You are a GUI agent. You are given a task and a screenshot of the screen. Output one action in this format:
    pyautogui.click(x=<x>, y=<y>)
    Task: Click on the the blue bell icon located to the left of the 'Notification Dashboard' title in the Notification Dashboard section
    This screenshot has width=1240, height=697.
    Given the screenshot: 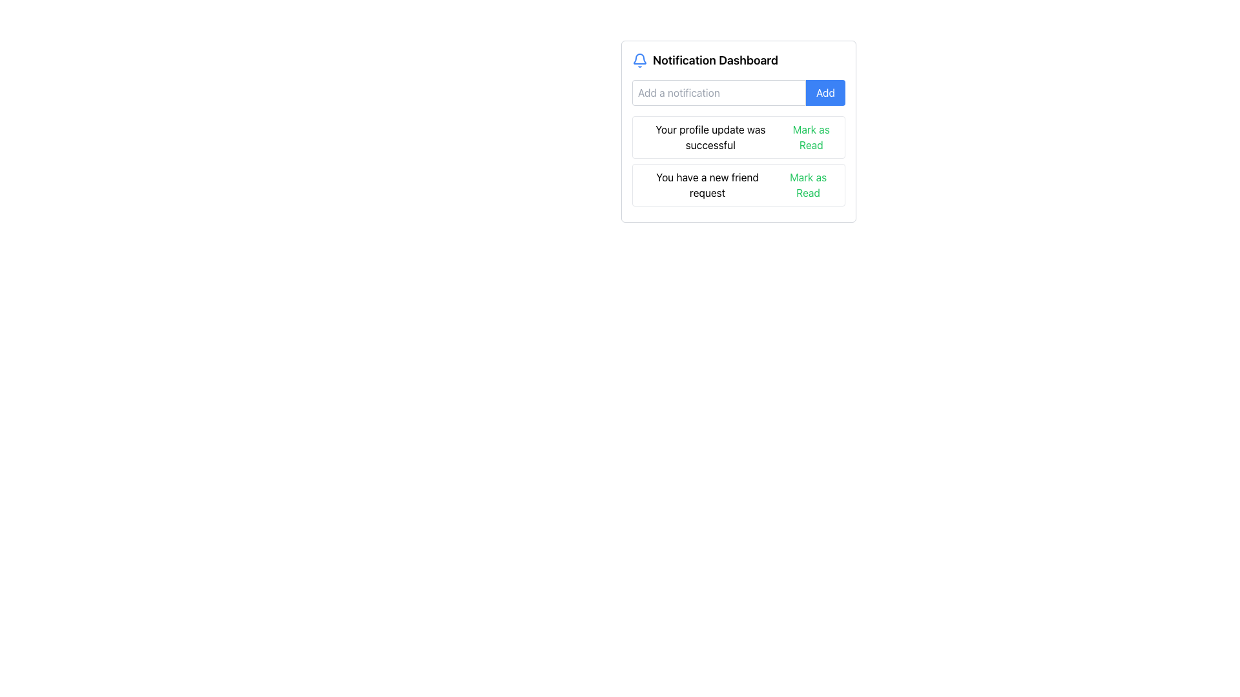 What is the action you would take?
    pyautogui.click(x=639, y=60)
    